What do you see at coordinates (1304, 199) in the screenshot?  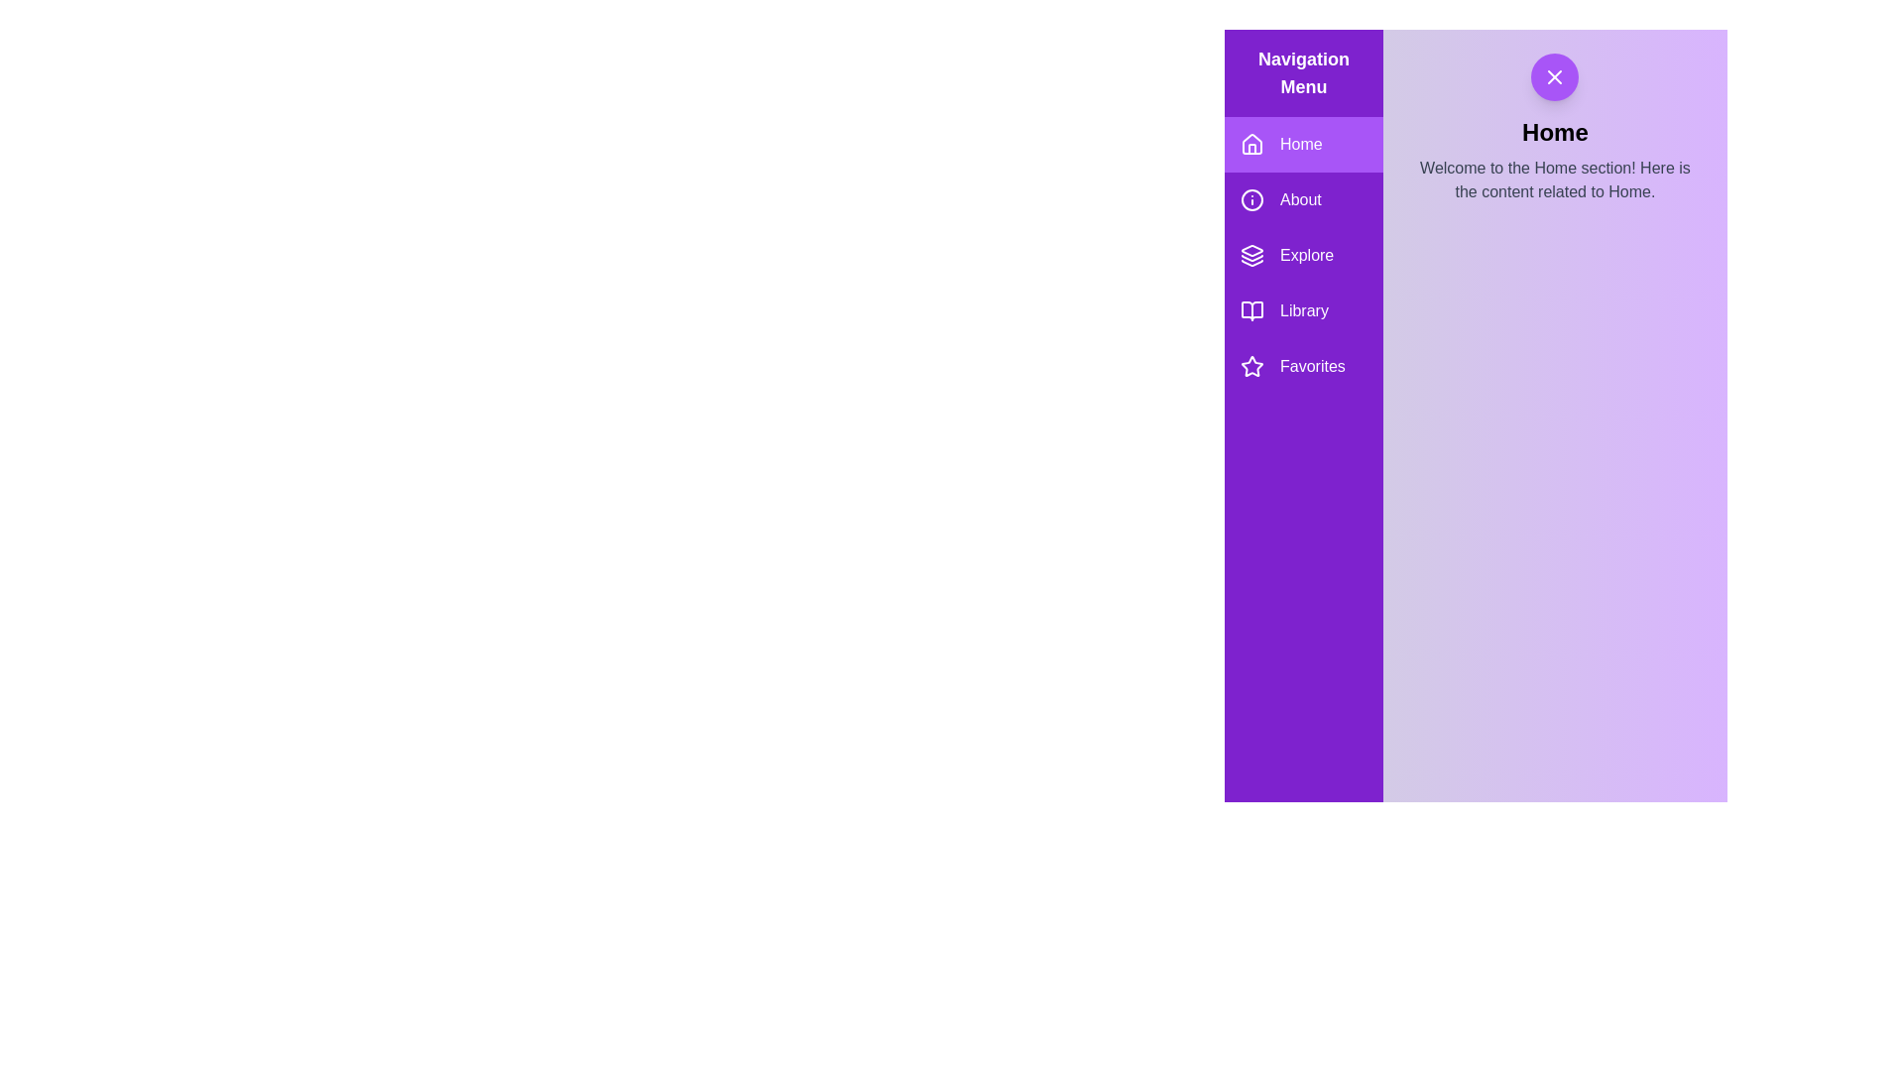 I see `the navigation menu item About` at bounding box center [1304, 199].